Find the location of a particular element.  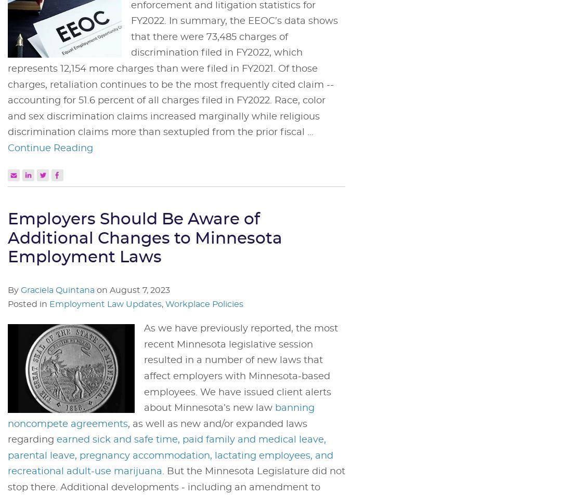

'Posted in' is located at coordinates (28, 304).